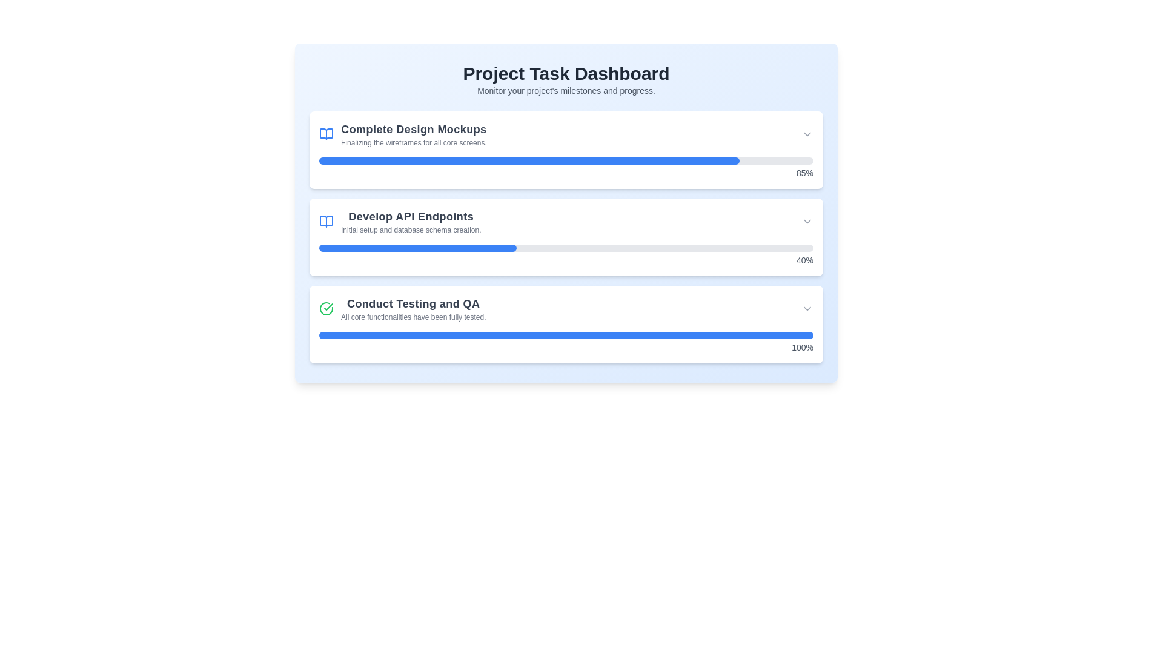  What do you see at coordinates (566, 343) in the screenshot?
I see `the progress bar indicating task completion percentage labeled 'Conduct Testing and QA' on the dashboard` at bounding box center [566, 343].